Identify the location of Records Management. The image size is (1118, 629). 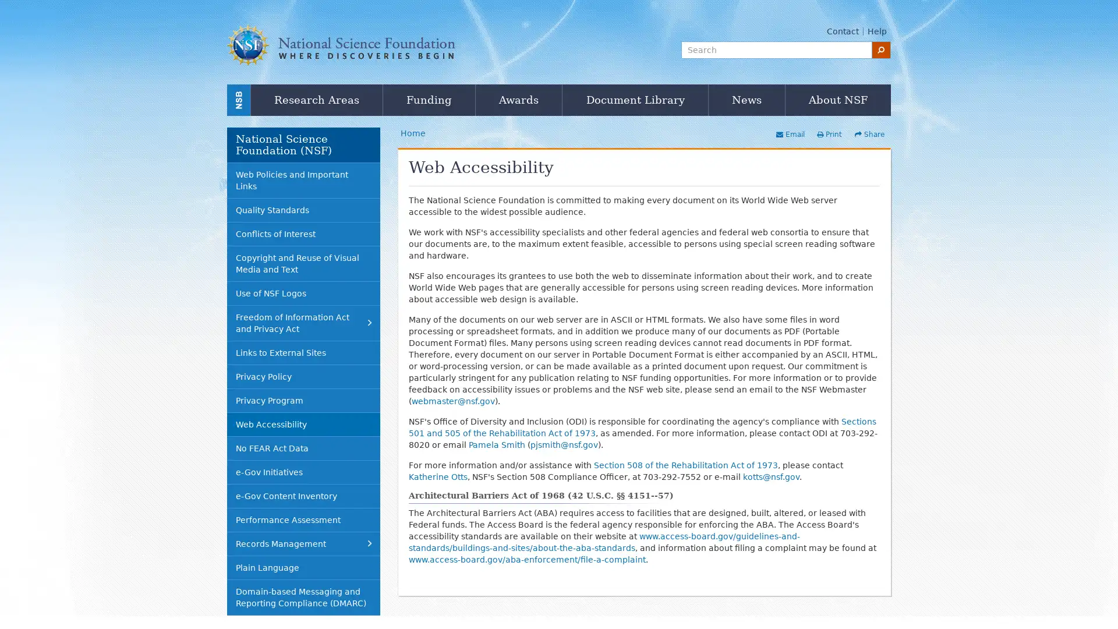
(303, 543).